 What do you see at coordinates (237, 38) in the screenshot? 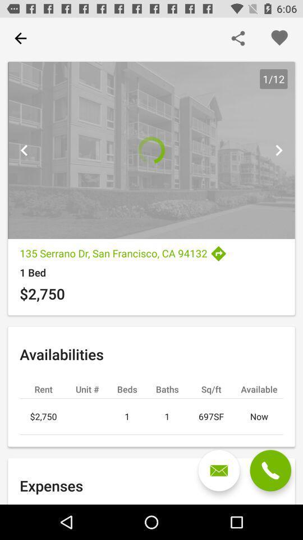
I see `share` at bounding box center [237, 38].